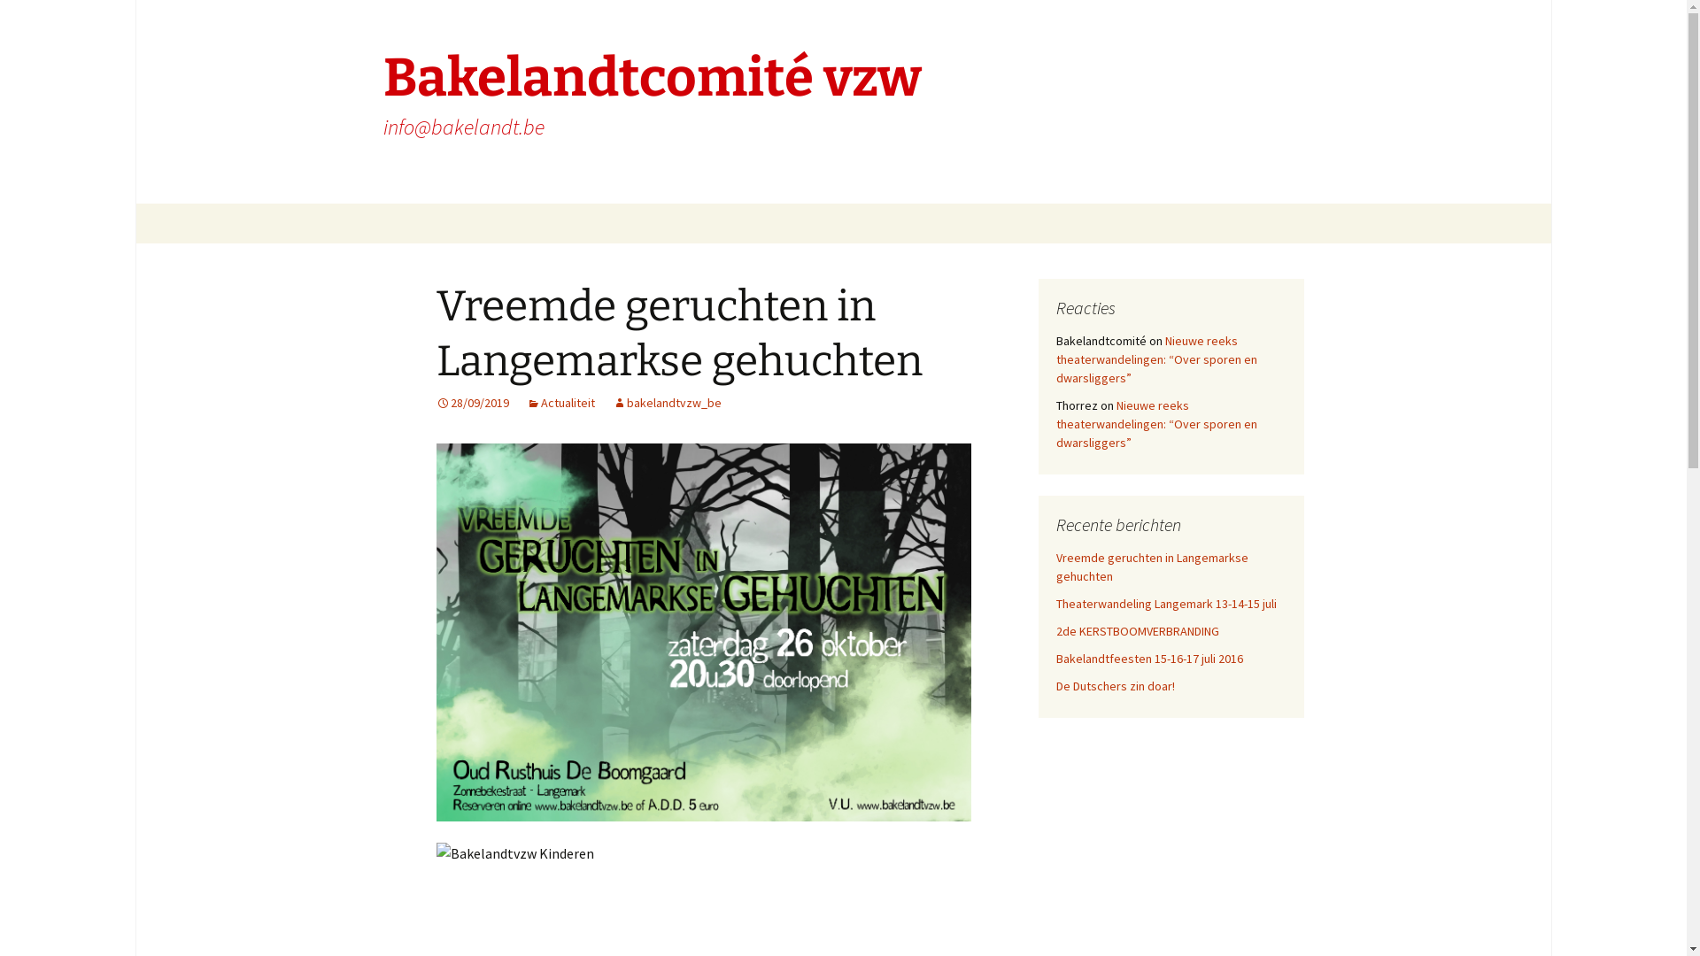  Describe the element at coordinates (1148, 659) in the screenshot. I see `'Bakelandtfeesten 15-16-17 juli 2016'` at that location.